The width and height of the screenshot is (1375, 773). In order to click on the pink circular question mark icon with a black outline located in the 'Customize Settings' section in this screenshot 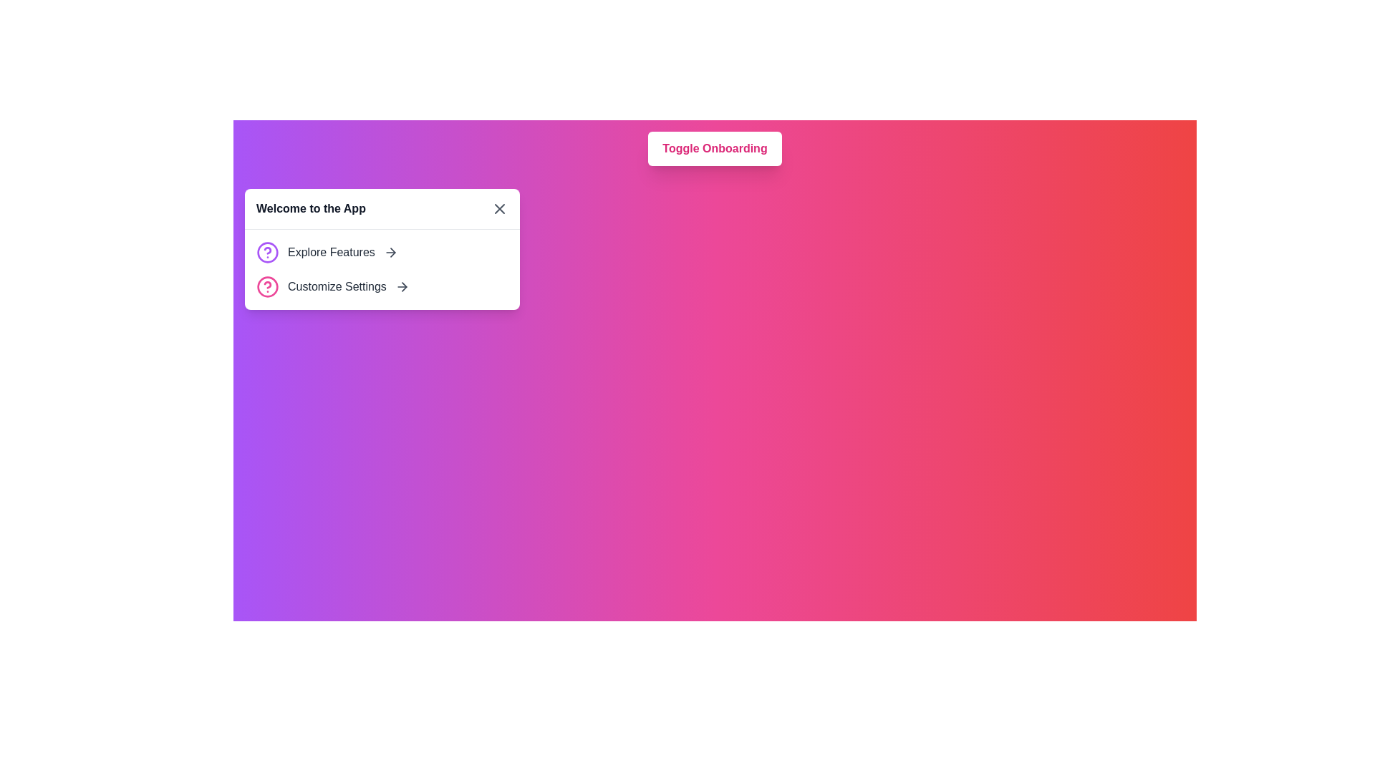, I will do `click(268, 287)`.